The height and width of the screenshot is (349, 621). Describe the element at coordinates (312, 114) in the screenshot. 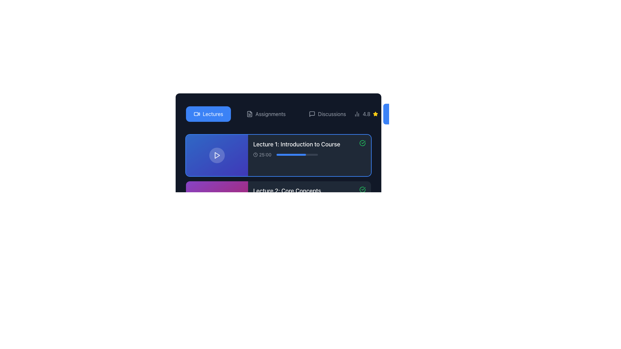

I see `the speech bubble icon representing the 'Discussion' or 'Comments' feature, which is located to the left of the 'Discussions' text label in the horizontal menu` at that location.